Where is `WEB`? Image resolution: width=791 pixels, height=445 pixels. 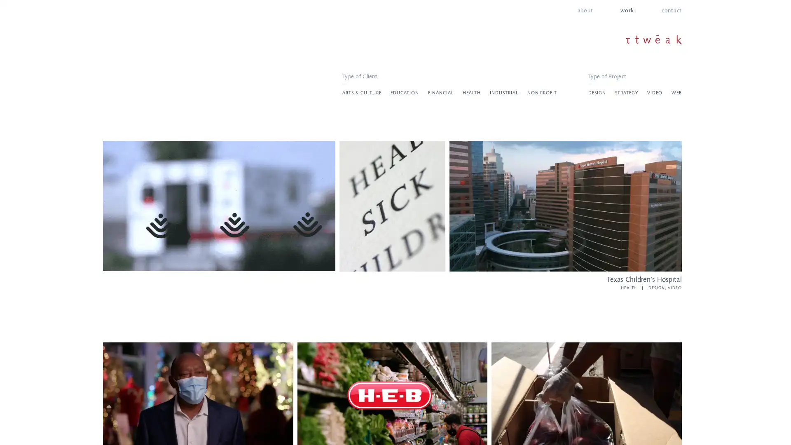 WEB is located at coordinates (676, 93).